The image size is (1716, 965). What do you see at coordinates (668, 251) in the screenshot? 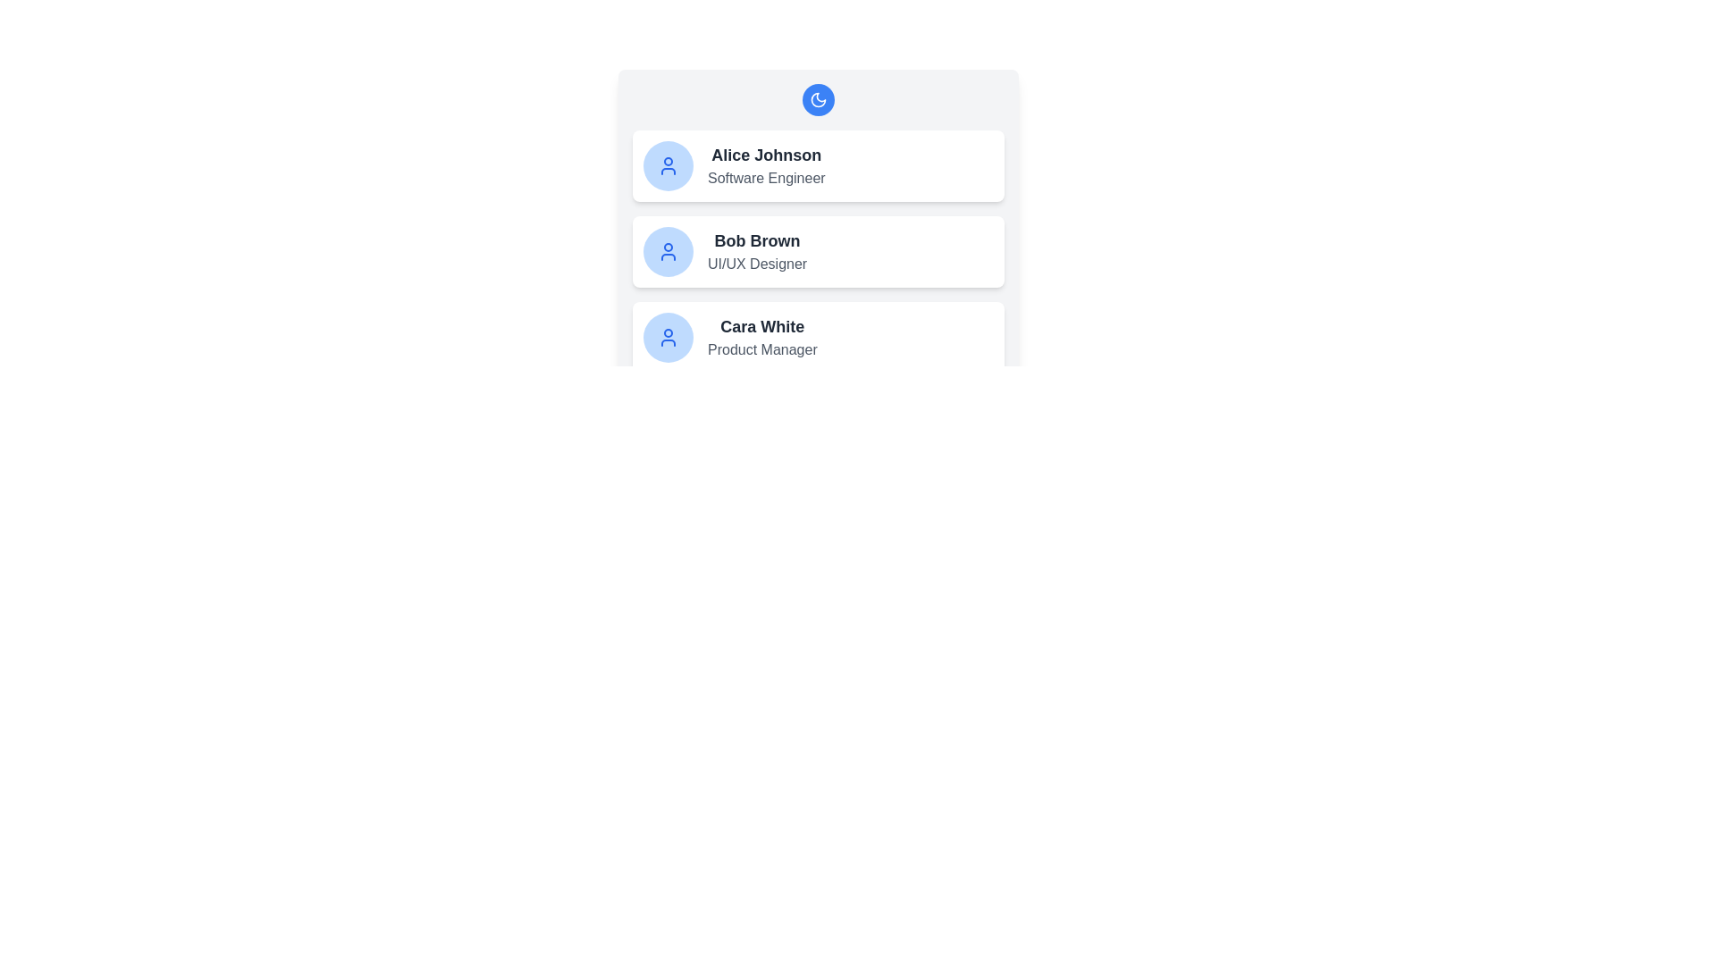
I see `the Avatar icon, which is a circular icon with a blue background and a white silhouette representing a user profile, located in the top-left of the group for 'Bob Brown, UI/UX Designer'` at bounding box center [668, 251].